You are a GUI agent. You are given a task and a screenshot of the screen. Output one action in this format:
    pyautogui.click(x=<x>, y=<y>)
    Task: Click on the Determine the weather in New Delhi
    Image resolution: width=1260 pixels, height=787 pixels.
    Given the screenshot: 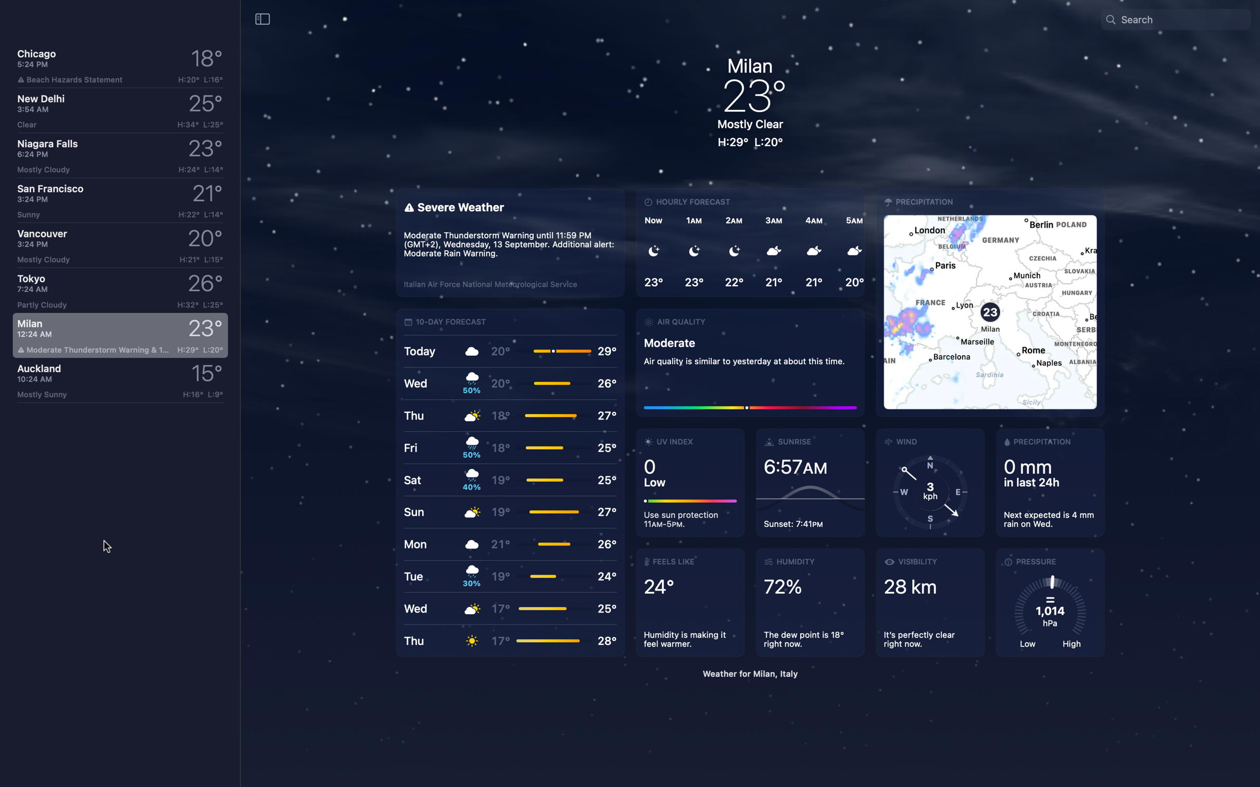 What is the action you would take?
    pyautogui.click(x=119, y=110)
    